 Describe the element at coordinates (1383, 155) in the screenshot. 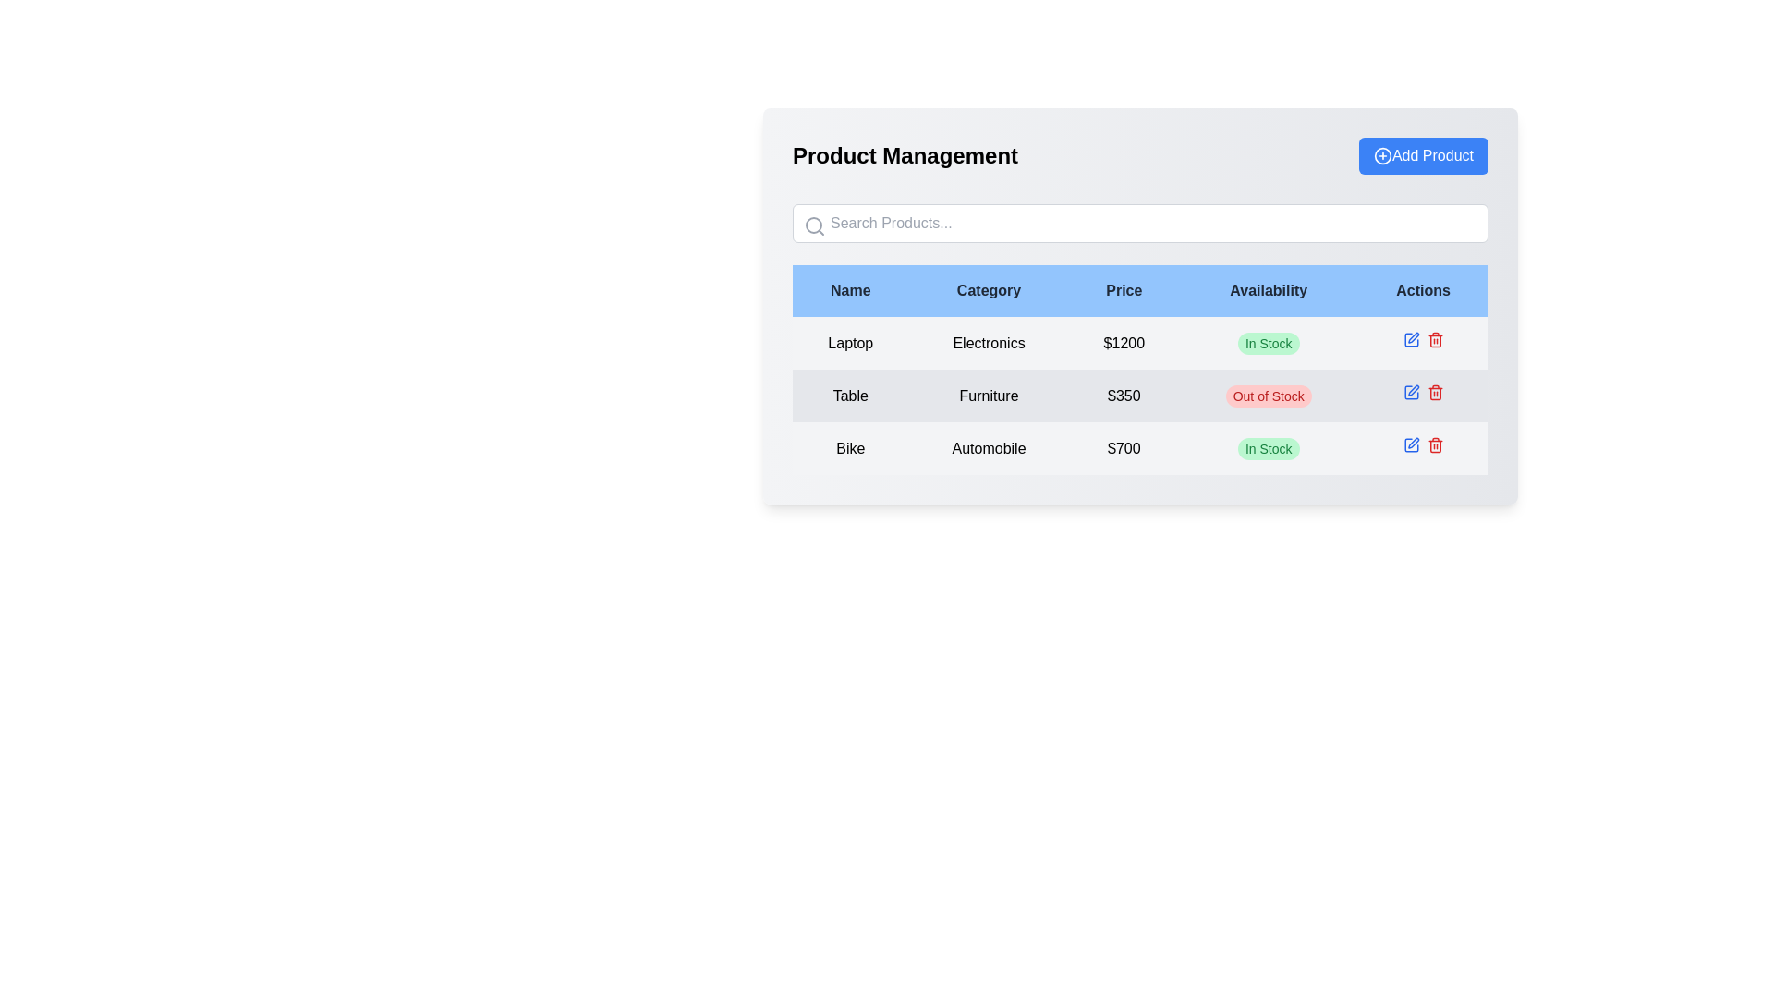

I see `the 'Add Product' button, which includes a plus sign icon, to initiate the action` at that location.